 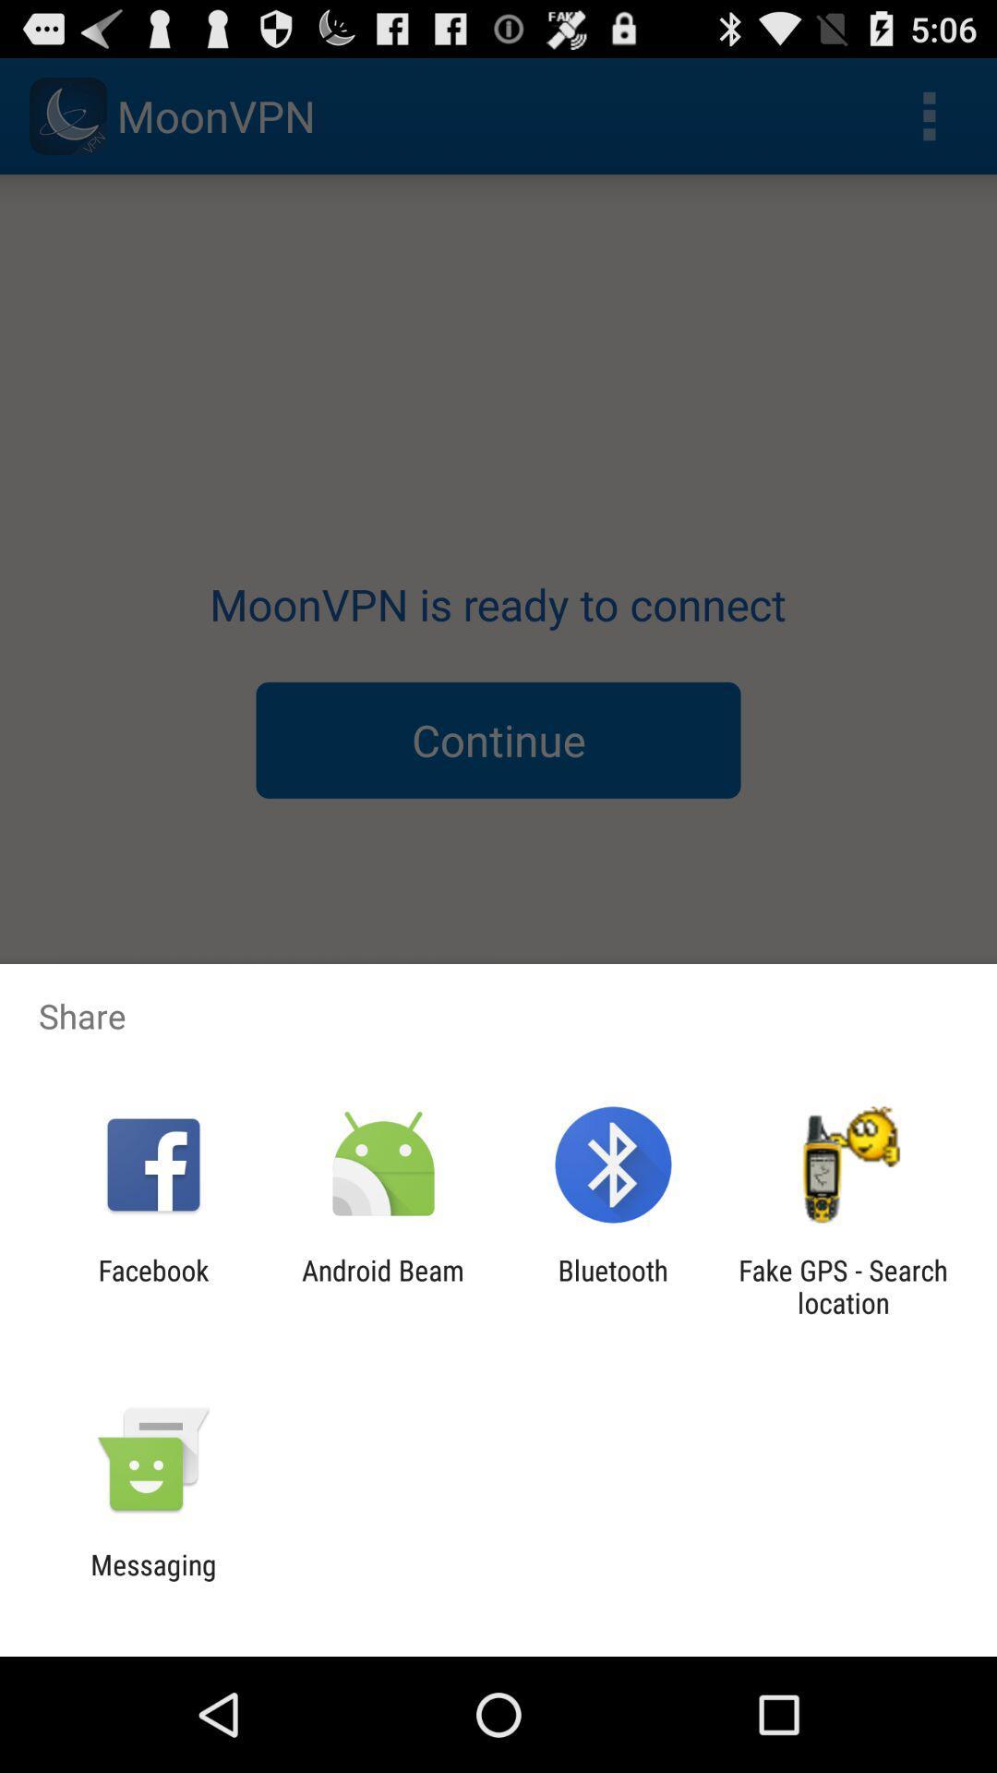 What do you see at coordinates (613, 1285) in the screenshot?
I see `item to the left of the fake gps search` at bounding box center [613, 1285].